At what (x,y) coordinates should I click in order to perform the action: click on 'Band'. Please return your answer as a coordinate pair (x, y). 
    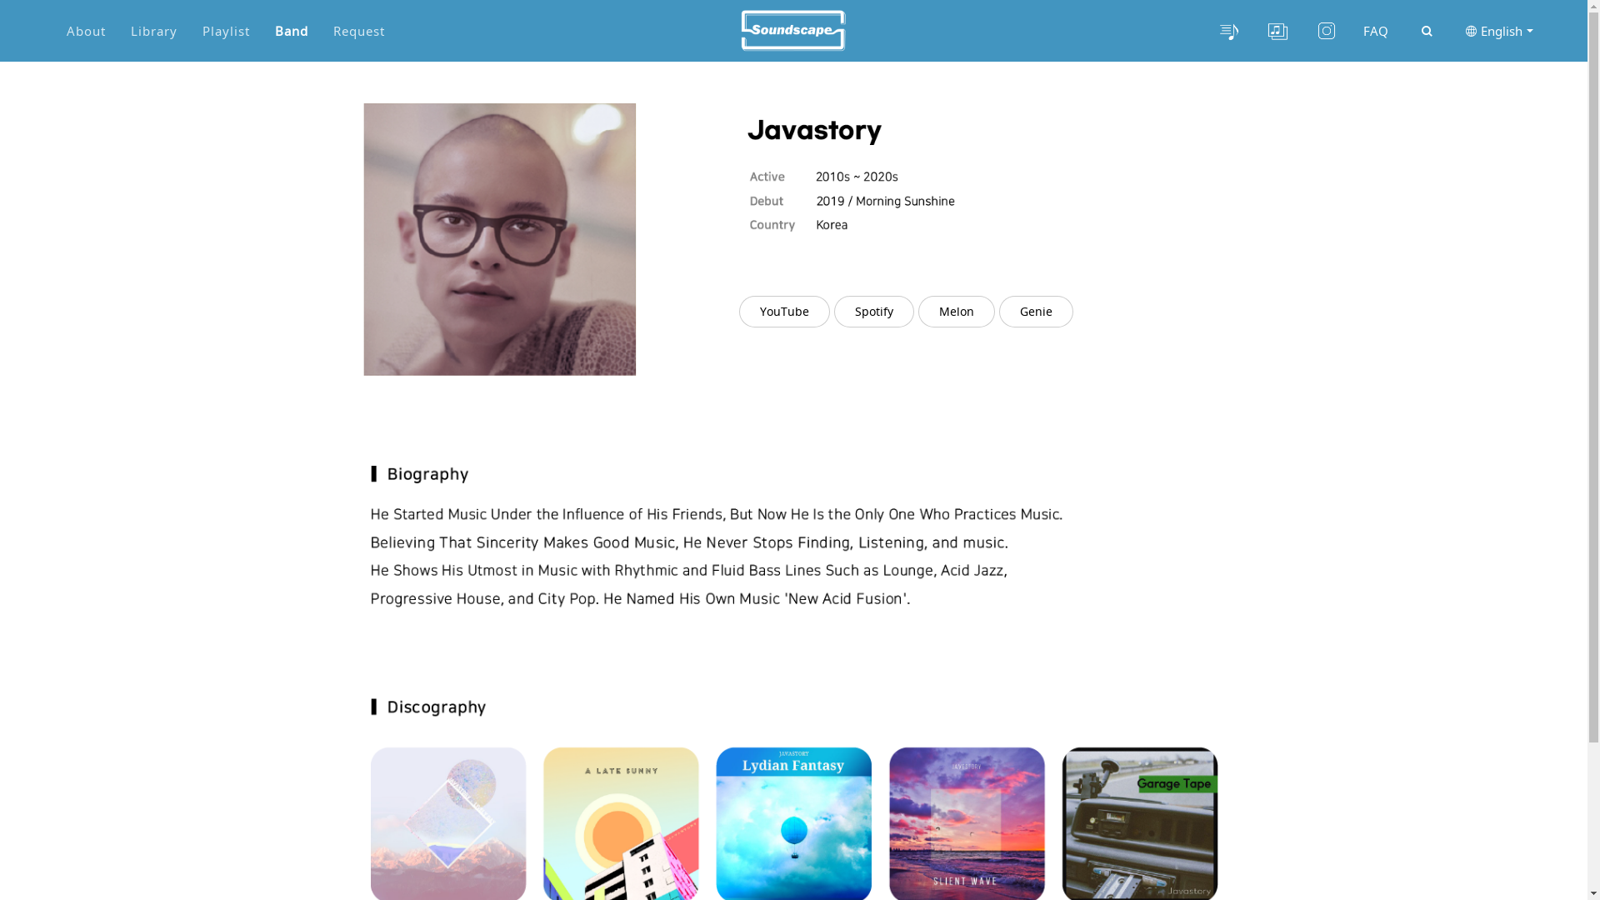
    Looking at the image, I should click on (292, 31).